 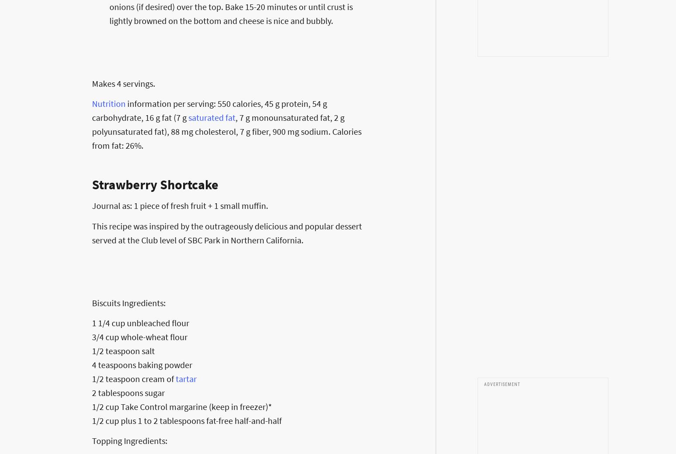 I want to click on '1 1/4 cup unbleached flour', so click(x=140, y=322).